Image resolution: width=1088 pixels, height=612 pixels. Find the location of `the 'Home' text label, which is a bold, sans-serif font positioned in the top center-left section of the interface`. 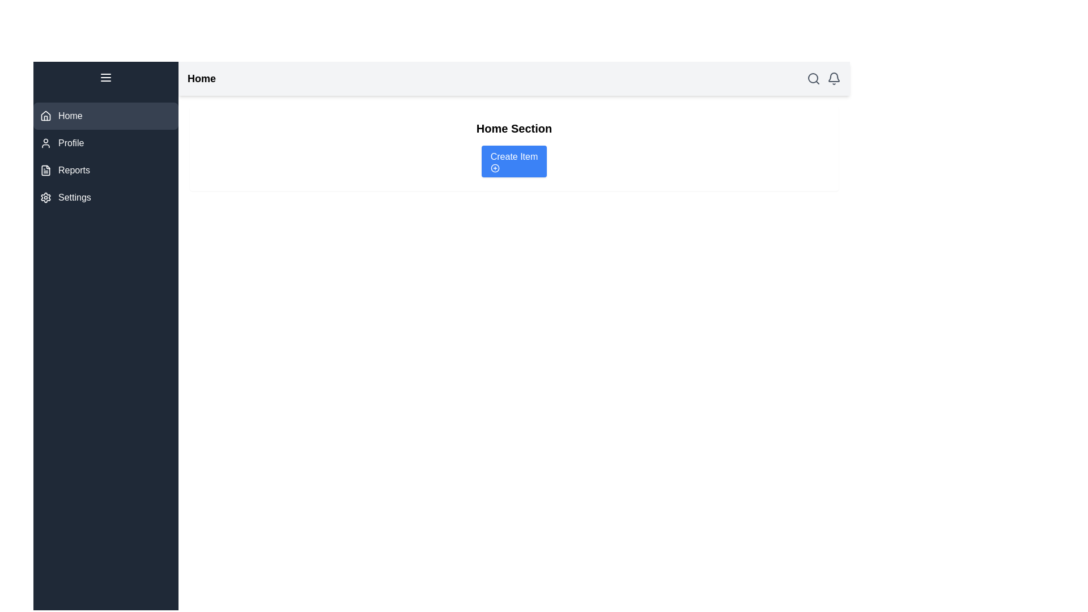

the 'Home' text label, which is a bold, sans-serif font positioned in the top center-left section of the interface is located at coordinates (201, 78).